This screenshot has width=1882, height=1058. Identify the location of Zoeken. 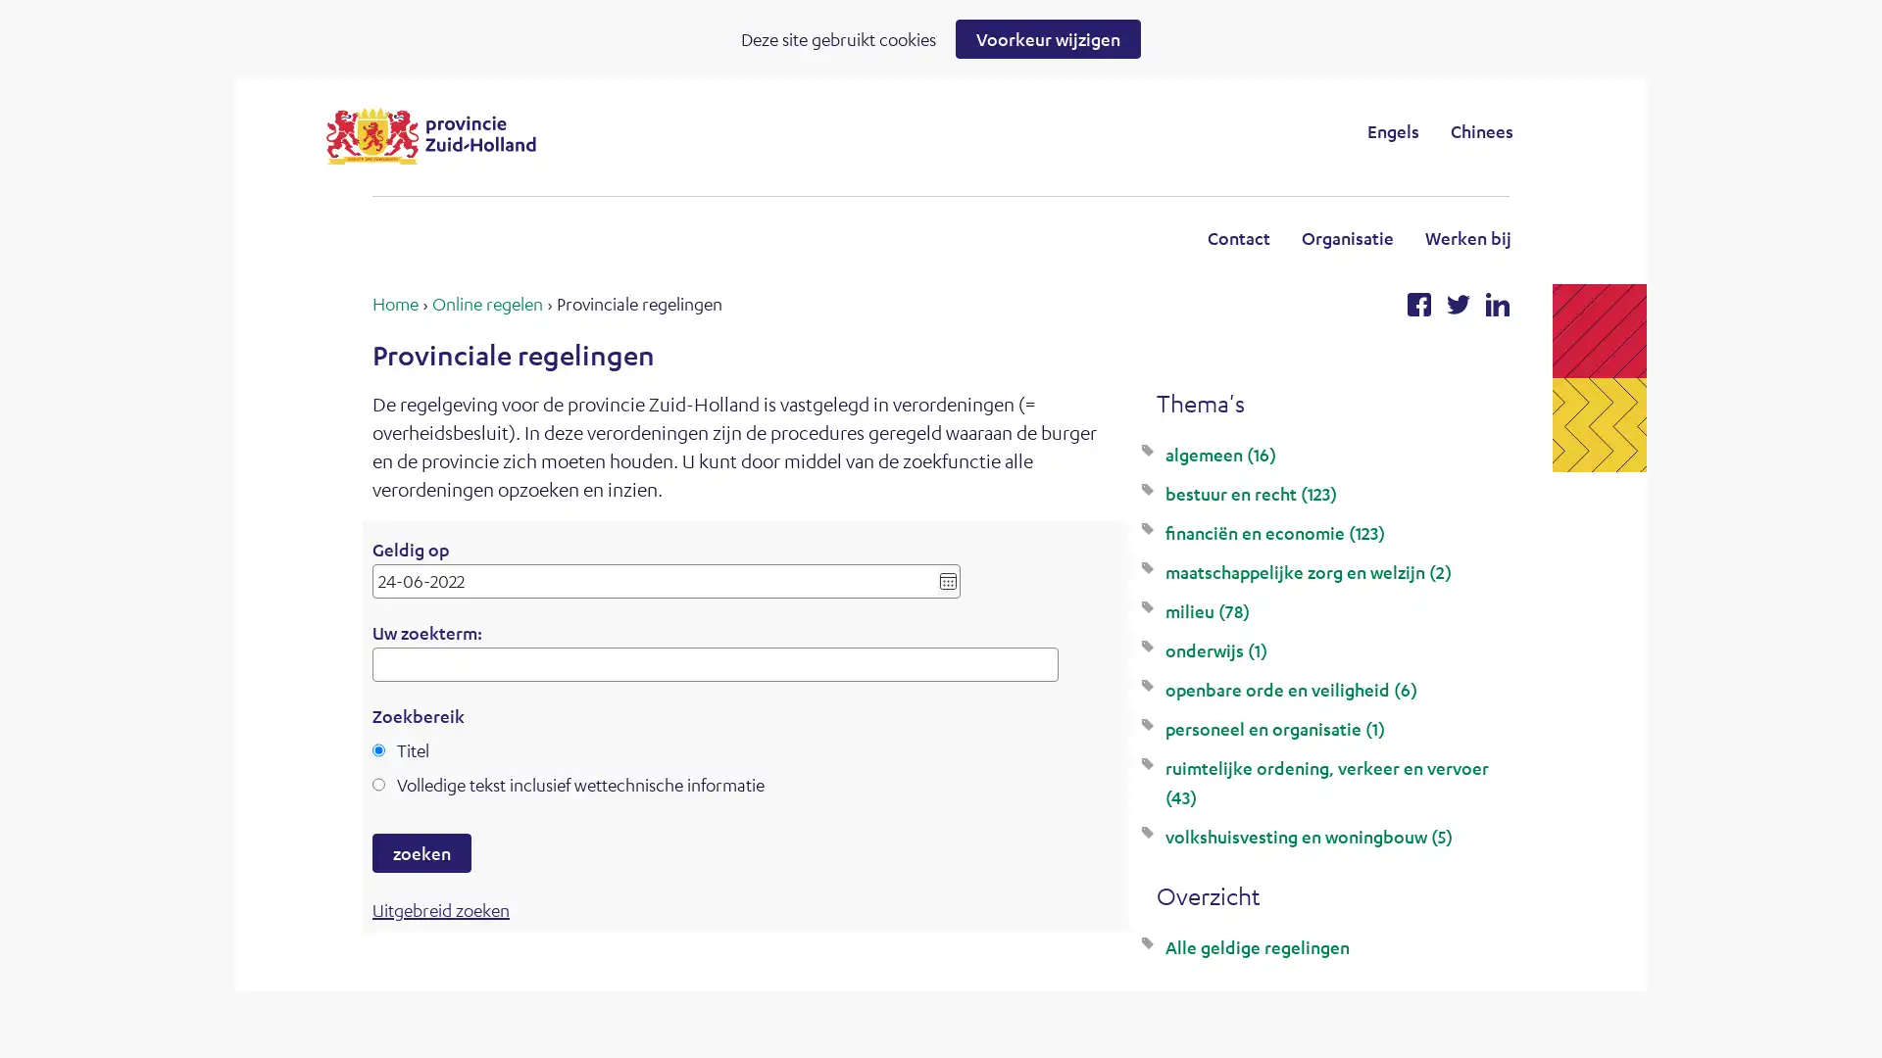
(1102, 130).